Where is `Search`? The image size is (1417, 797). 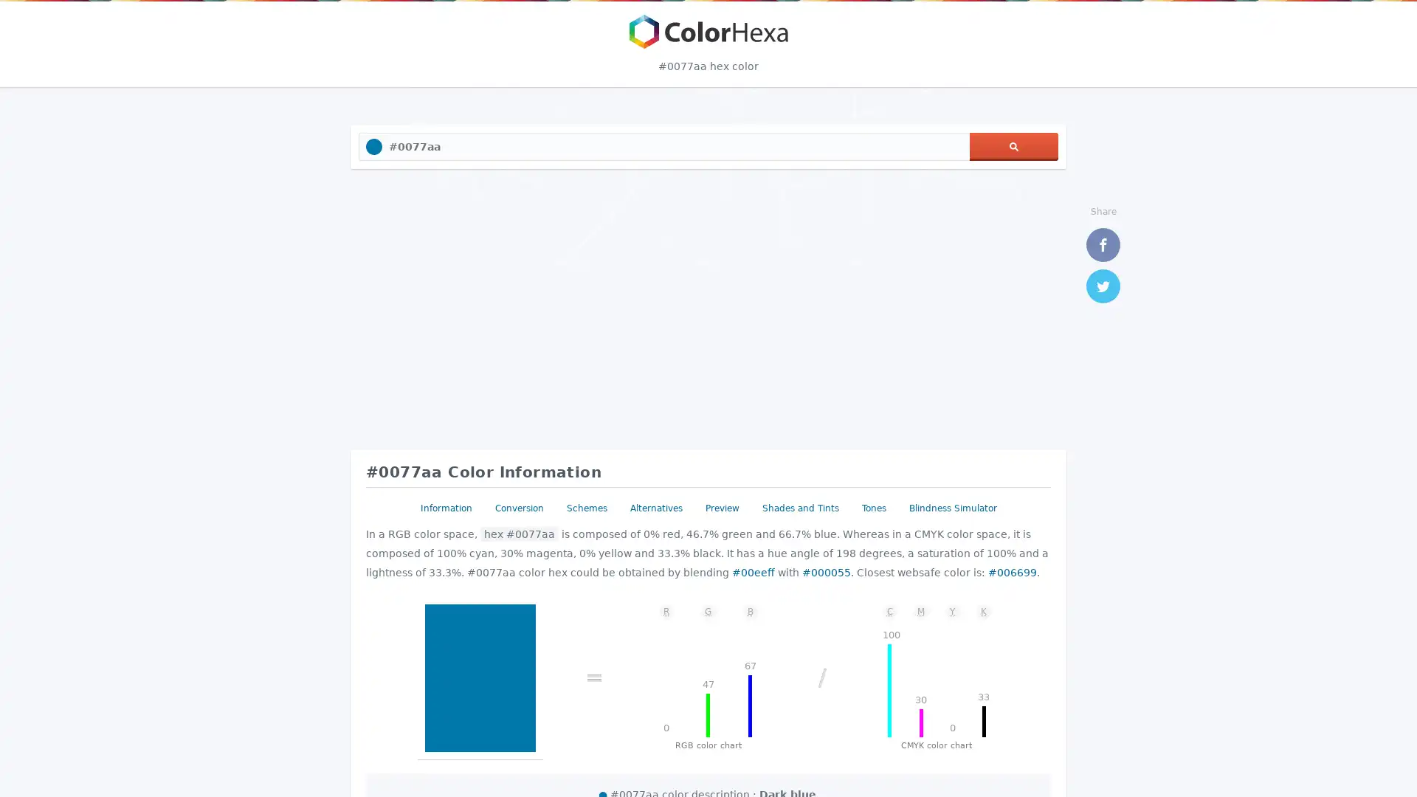 Search is located at coordinates (1013, 147).